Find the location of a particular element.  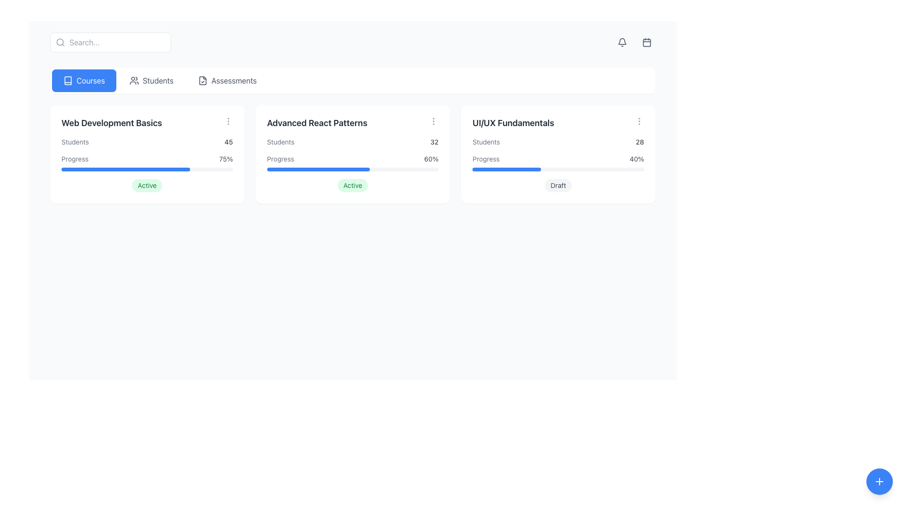

the progress bar indicating '60%' with the label 'Progress' above it, located in the second card of three cards in the main interface is located at coordinates (352, 162).